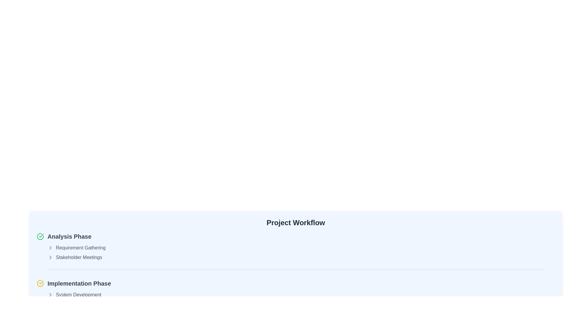 This screenshot has height=323, width=574. Describe the element at coordinates (50, 248) in the screenshot. I see `the Chevron-Right icon located to the left of the 'Requirement Gathering' text label` at that location.